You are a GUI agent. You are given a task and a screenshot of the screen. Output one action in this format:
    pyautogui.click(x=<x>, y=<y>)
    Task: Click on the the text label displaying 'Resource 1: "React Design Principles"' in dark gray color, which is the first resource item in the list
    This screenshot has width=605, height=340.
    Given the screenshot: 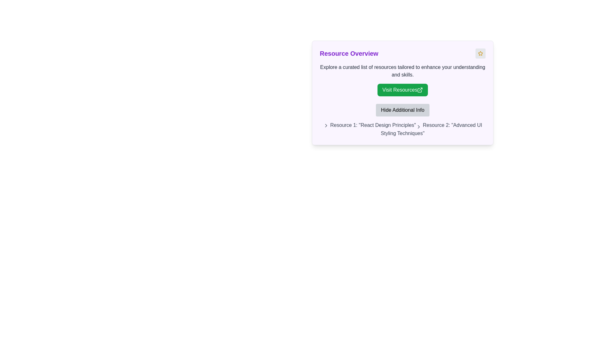 What is the action you would take?
    pyautogui.click(x=373, y=125)
    